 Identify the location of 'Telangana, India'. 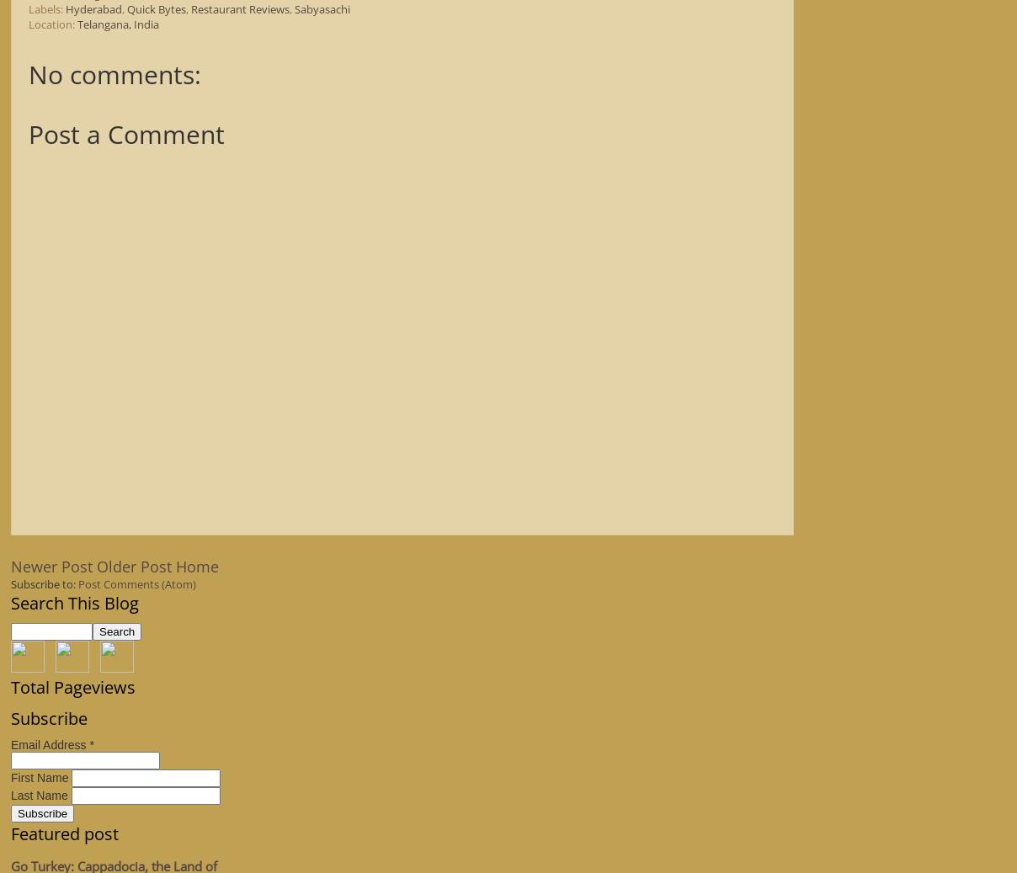
(117, 22).